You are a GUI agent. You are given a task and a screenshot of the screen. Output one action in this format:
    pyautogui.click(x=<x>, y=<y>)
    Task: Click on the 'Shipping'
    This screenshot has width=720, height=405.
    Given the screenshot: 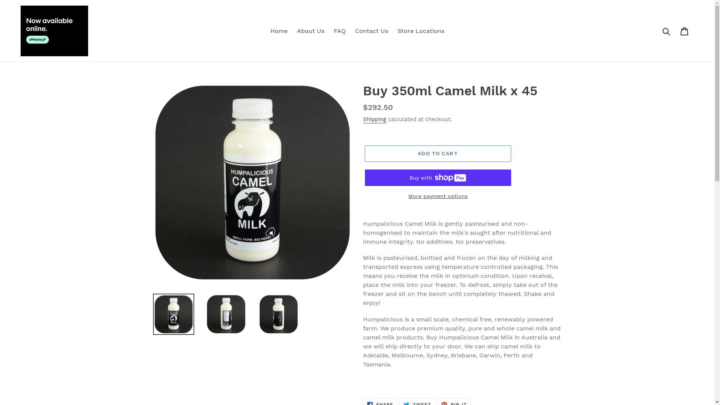 What is the action you would take?
    pyautogui.click(x=374, y=119)
    